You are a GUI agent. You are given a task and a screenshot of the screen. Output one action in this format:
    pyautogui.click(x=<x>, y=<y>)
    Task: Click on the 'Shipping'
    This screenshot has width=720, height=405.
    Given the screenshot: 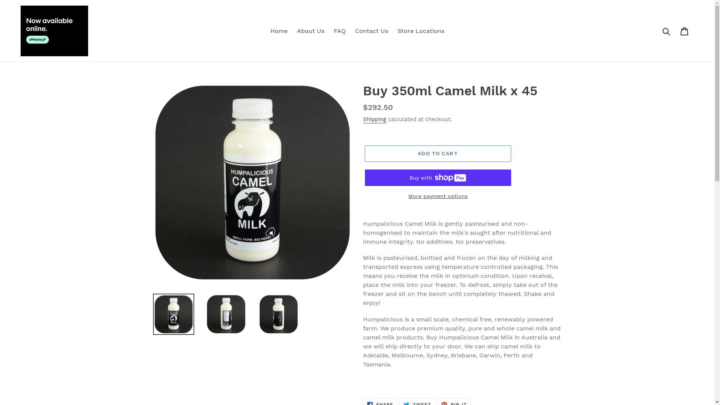 What is the action you would take?
    pyautogui.click(x=374, y=119)
    